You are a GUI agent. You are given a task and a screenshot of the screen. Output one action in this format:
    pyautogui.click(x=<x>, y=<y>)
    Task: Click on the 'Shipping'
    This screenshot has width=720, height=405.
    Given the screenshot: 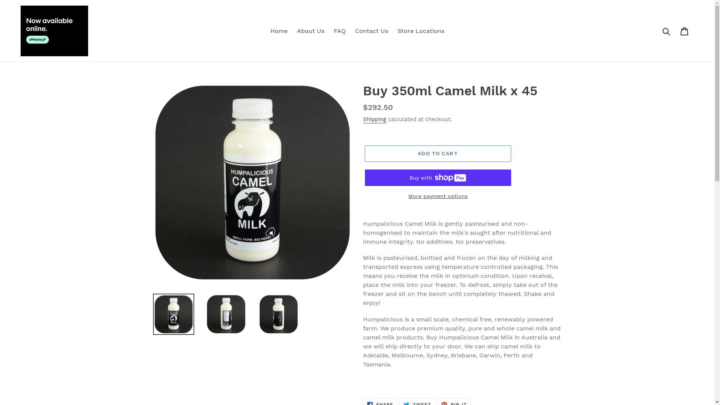 What is the action you would take?
    pyautogui.click(x=374, y=119)
    